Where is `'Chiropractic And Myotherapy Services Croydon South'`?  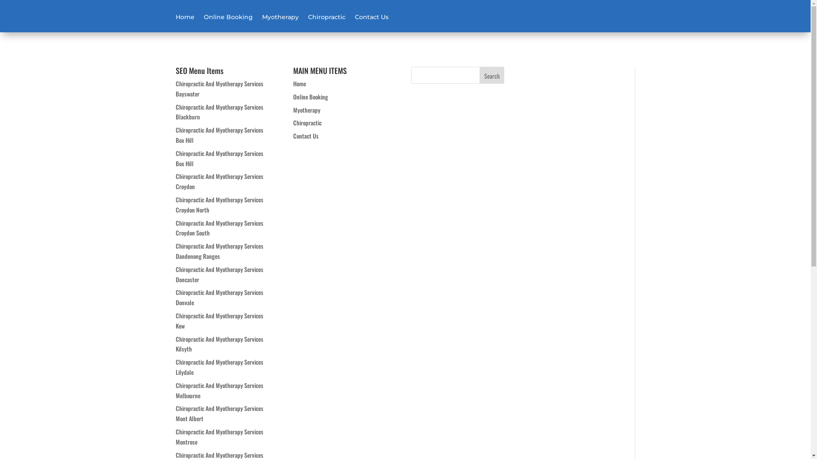
'Chiropractic And Myotherapy Services Croydon South' is located at coordinates (175, 227).